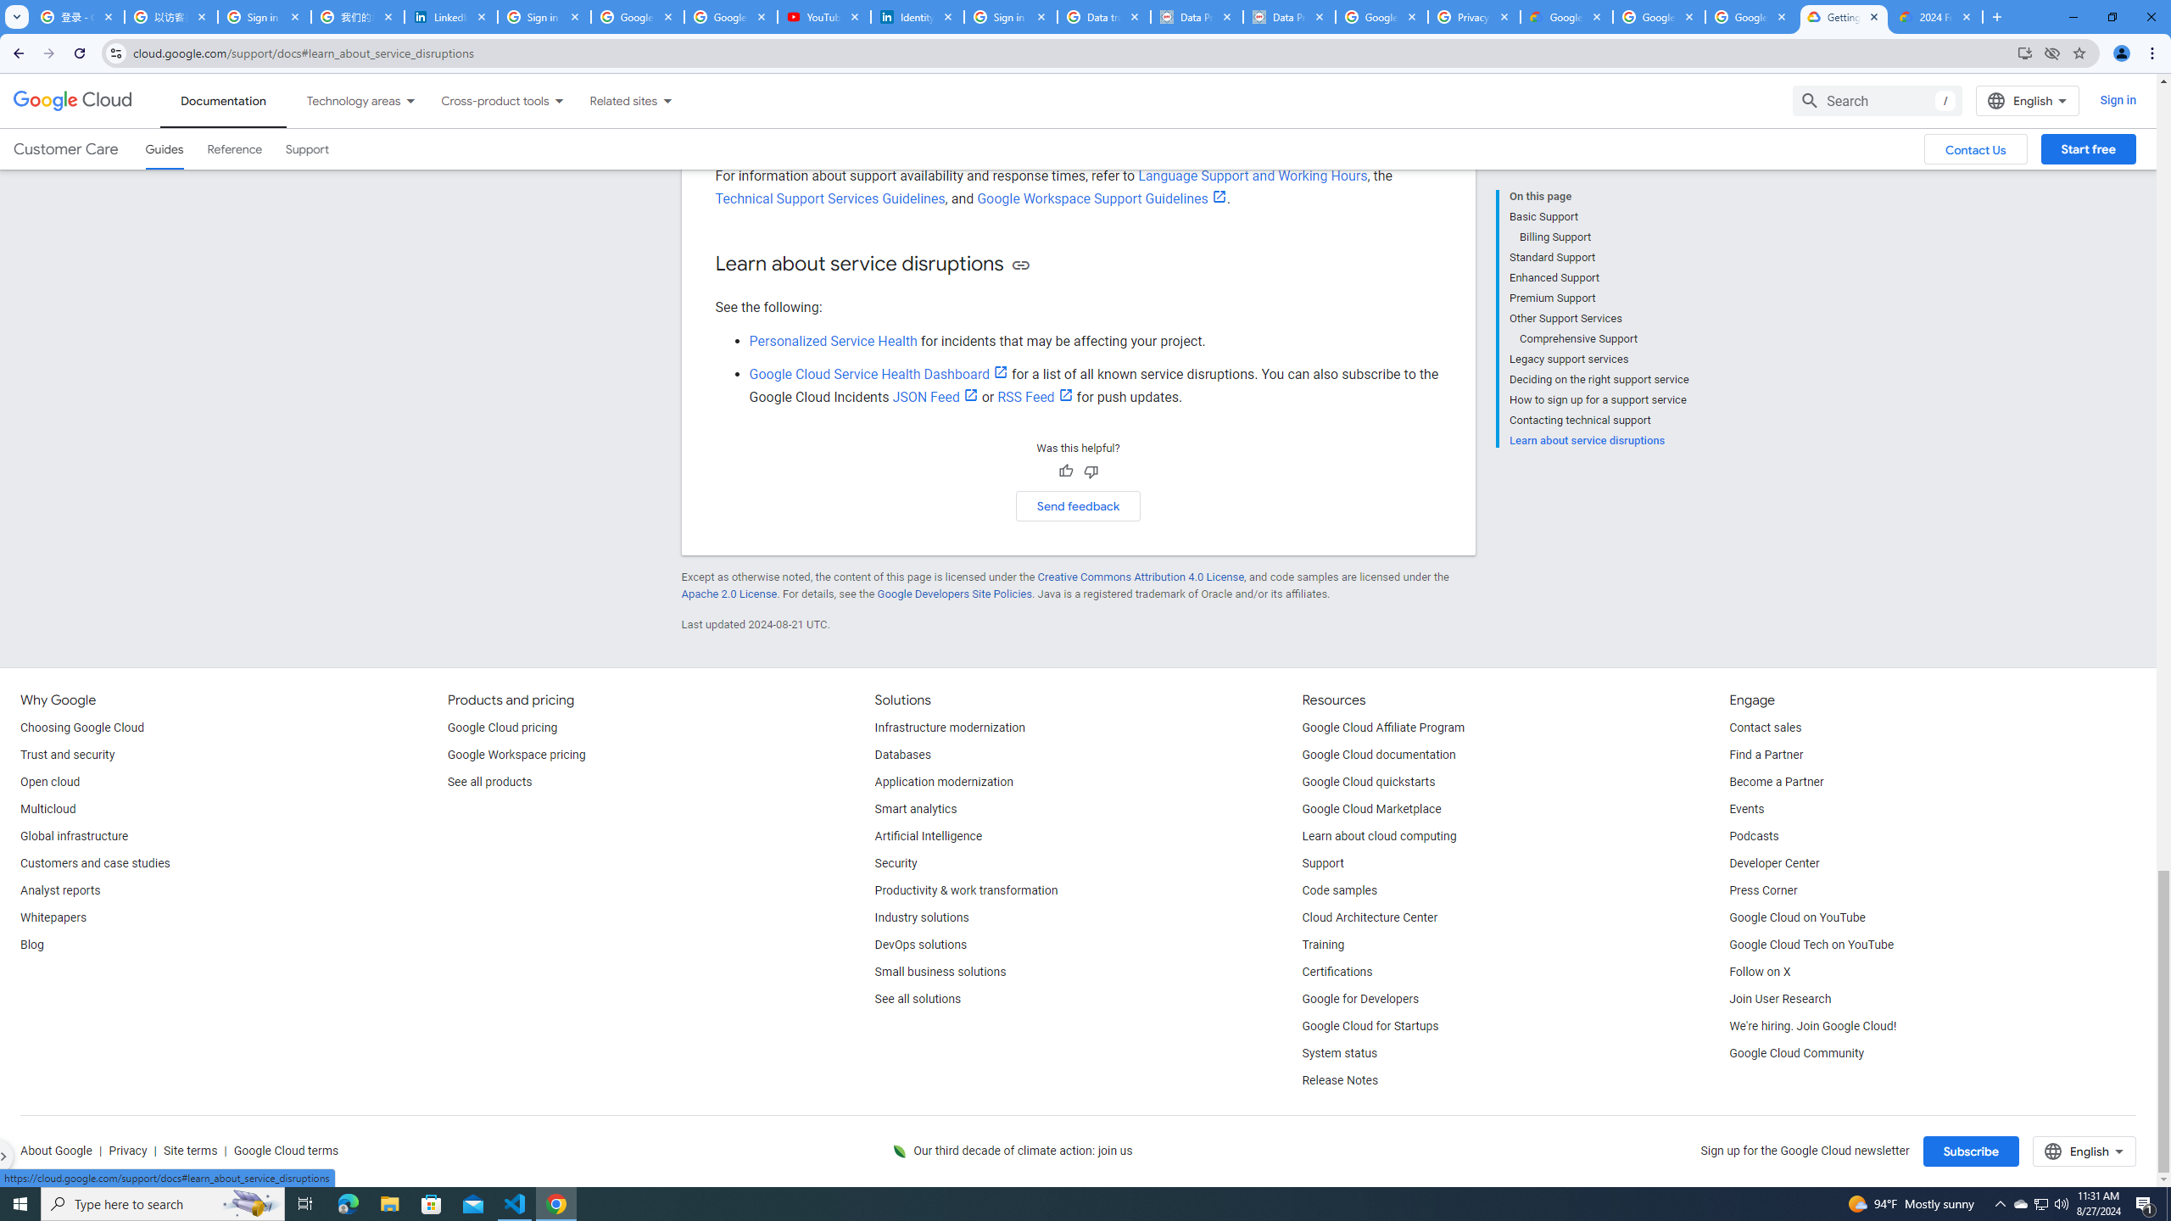 This screenshot has width=2171, height=1221. I want to click on 'Not helpful', so click(1090, 471).